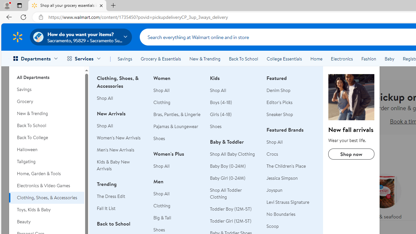  I want to click on 'Jessica Simpson', so click(291, 178).